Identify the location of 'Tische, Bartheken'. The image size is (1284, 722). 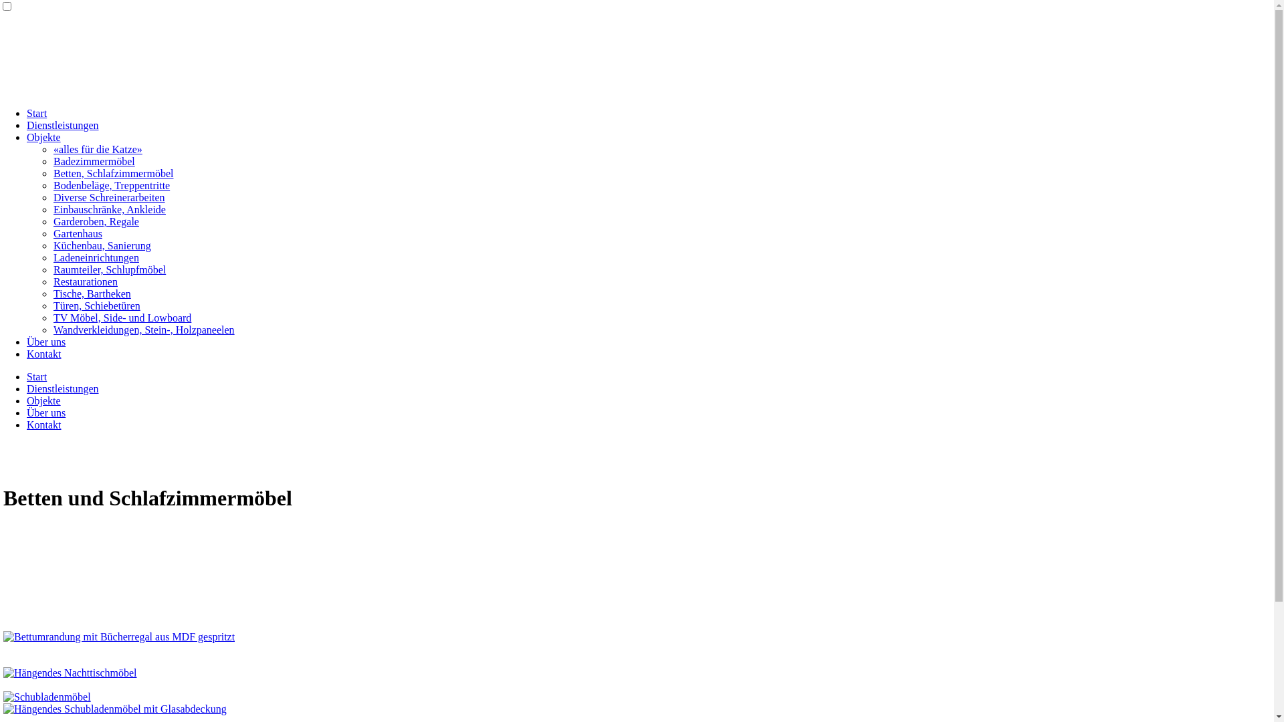
(92, 293).